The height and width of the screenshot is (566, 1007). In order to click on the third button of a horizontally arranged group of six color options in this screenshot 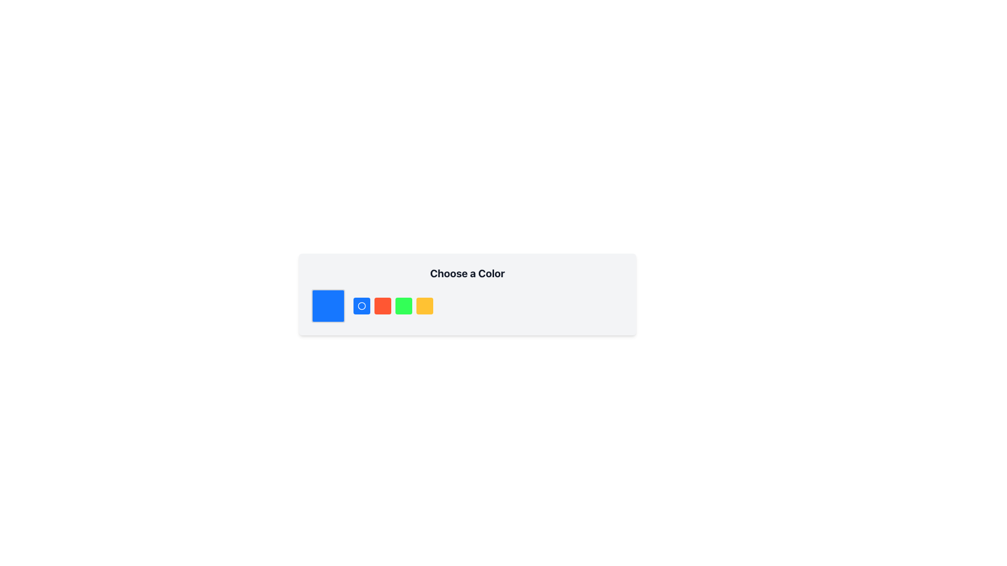, I will do `click(382, 306)`.